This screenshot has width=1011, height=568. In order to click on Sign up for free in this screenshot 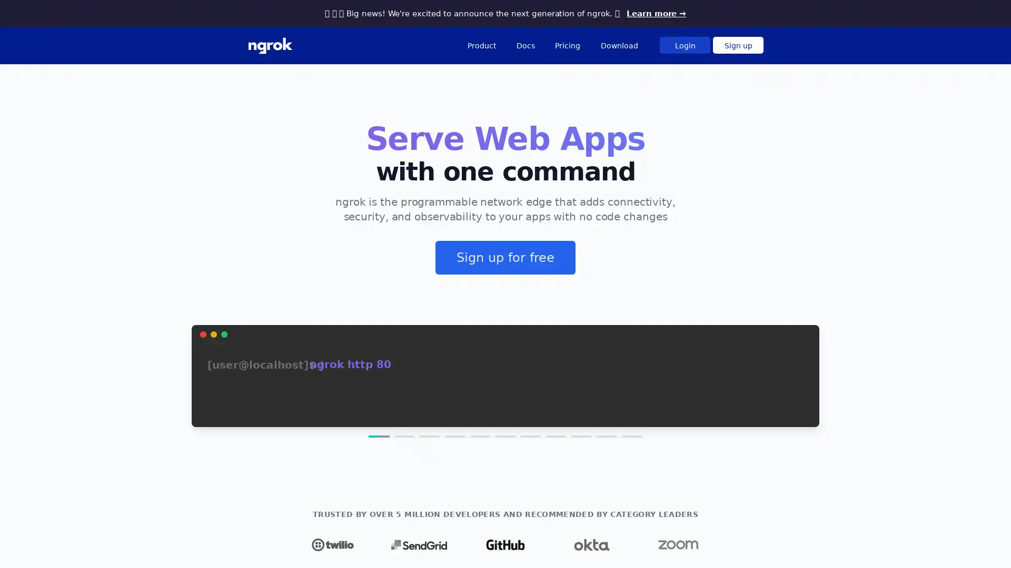, I will do `click(506, 257)`.